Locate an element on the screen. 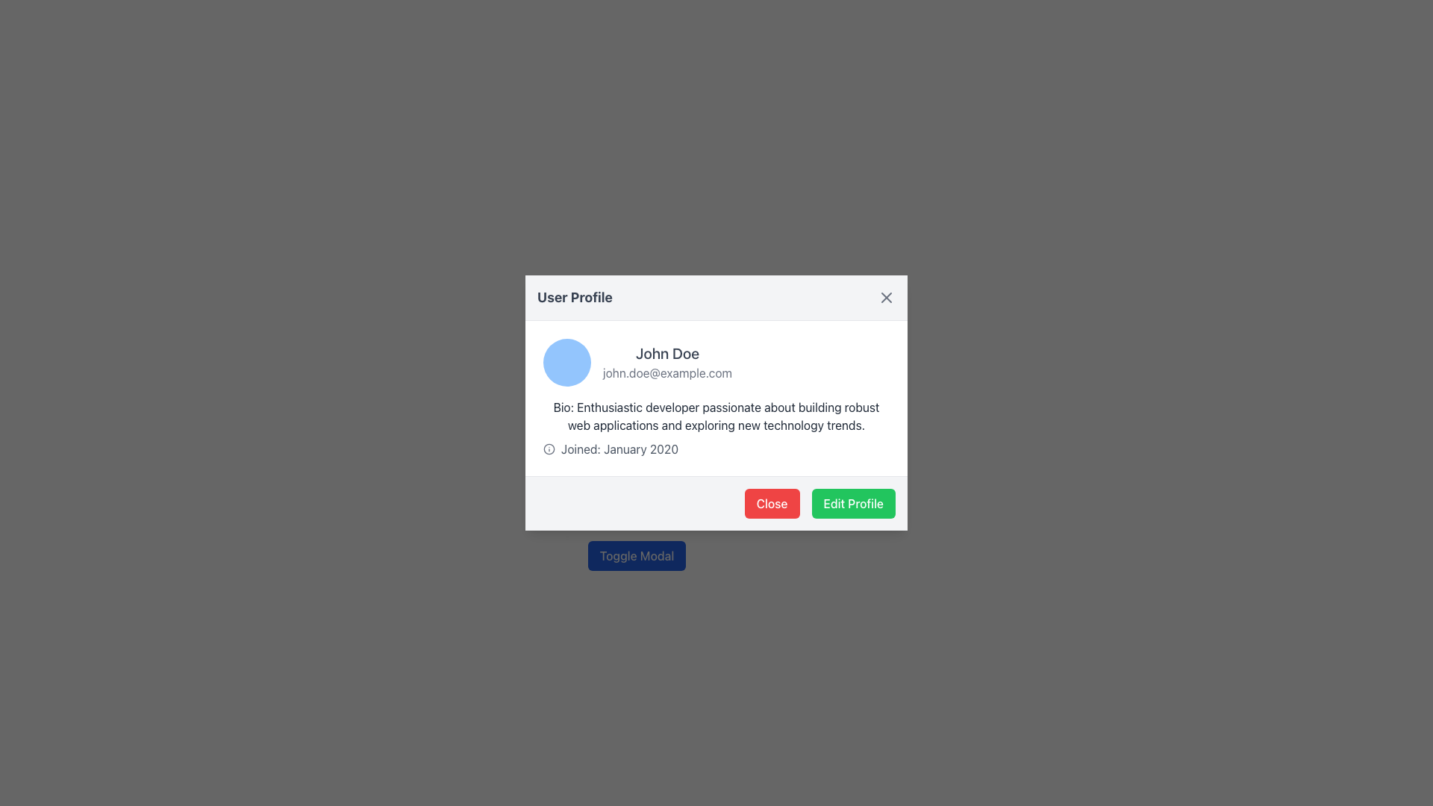  the Profile Header section containing the blue circular avatar and text 'John Doe' and 'john.doe@example.com' is located at coordinates (716, 363).